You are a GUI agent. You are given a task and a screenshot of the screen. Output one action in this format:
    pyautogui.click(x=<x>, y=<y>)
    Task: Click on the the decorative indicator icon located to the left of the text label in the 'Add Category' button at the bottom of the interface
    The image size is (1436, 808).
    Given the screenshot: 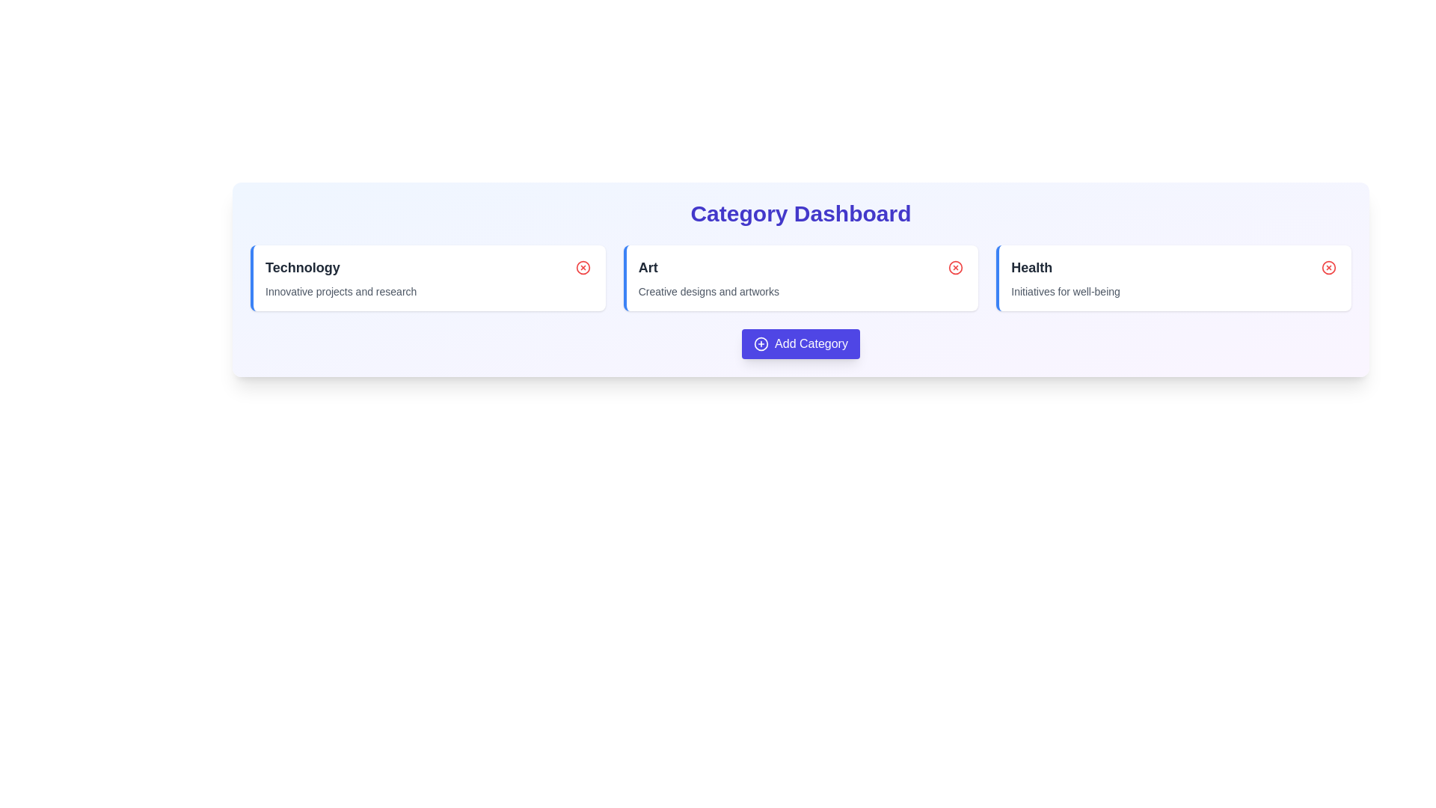 What is the action you would take?
    pyautogui.click(x=761, y=343)
    